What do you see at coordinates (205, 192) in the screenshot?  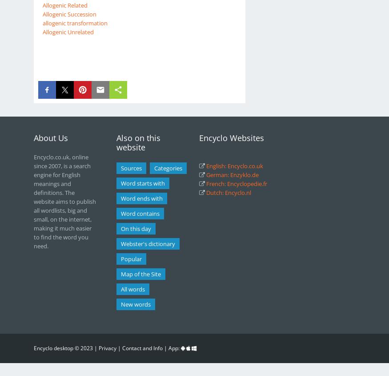 I see `'Dutch: Encyclo.nl'` at bounding box center [205, 192].